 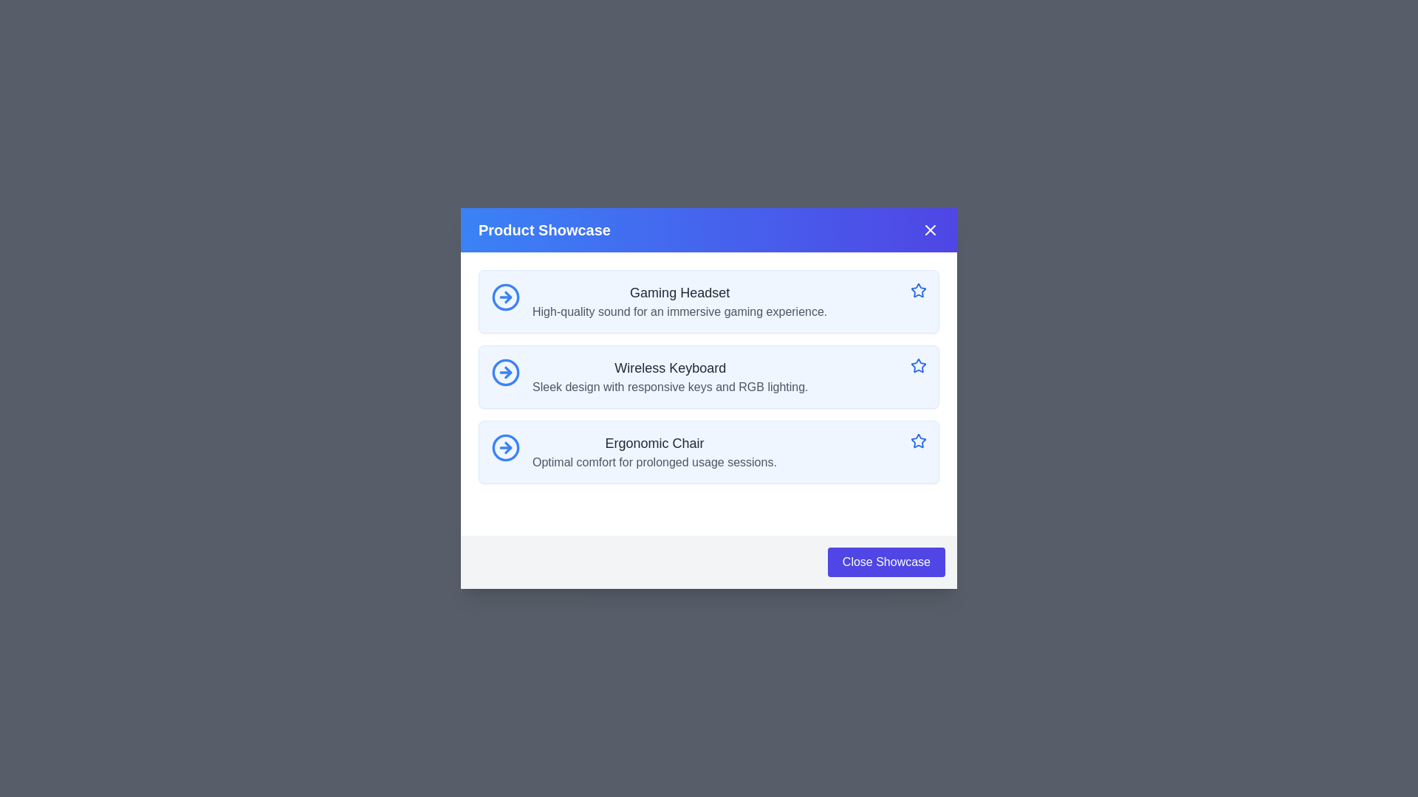 What do you see at coordinates (654, 462) in the screenshot?
I see `the text label displaying 'Optimal comfort for prolonged usage sessions.' located below the title 'Ergonomic Chair.'` at bounding box center [654, 462].